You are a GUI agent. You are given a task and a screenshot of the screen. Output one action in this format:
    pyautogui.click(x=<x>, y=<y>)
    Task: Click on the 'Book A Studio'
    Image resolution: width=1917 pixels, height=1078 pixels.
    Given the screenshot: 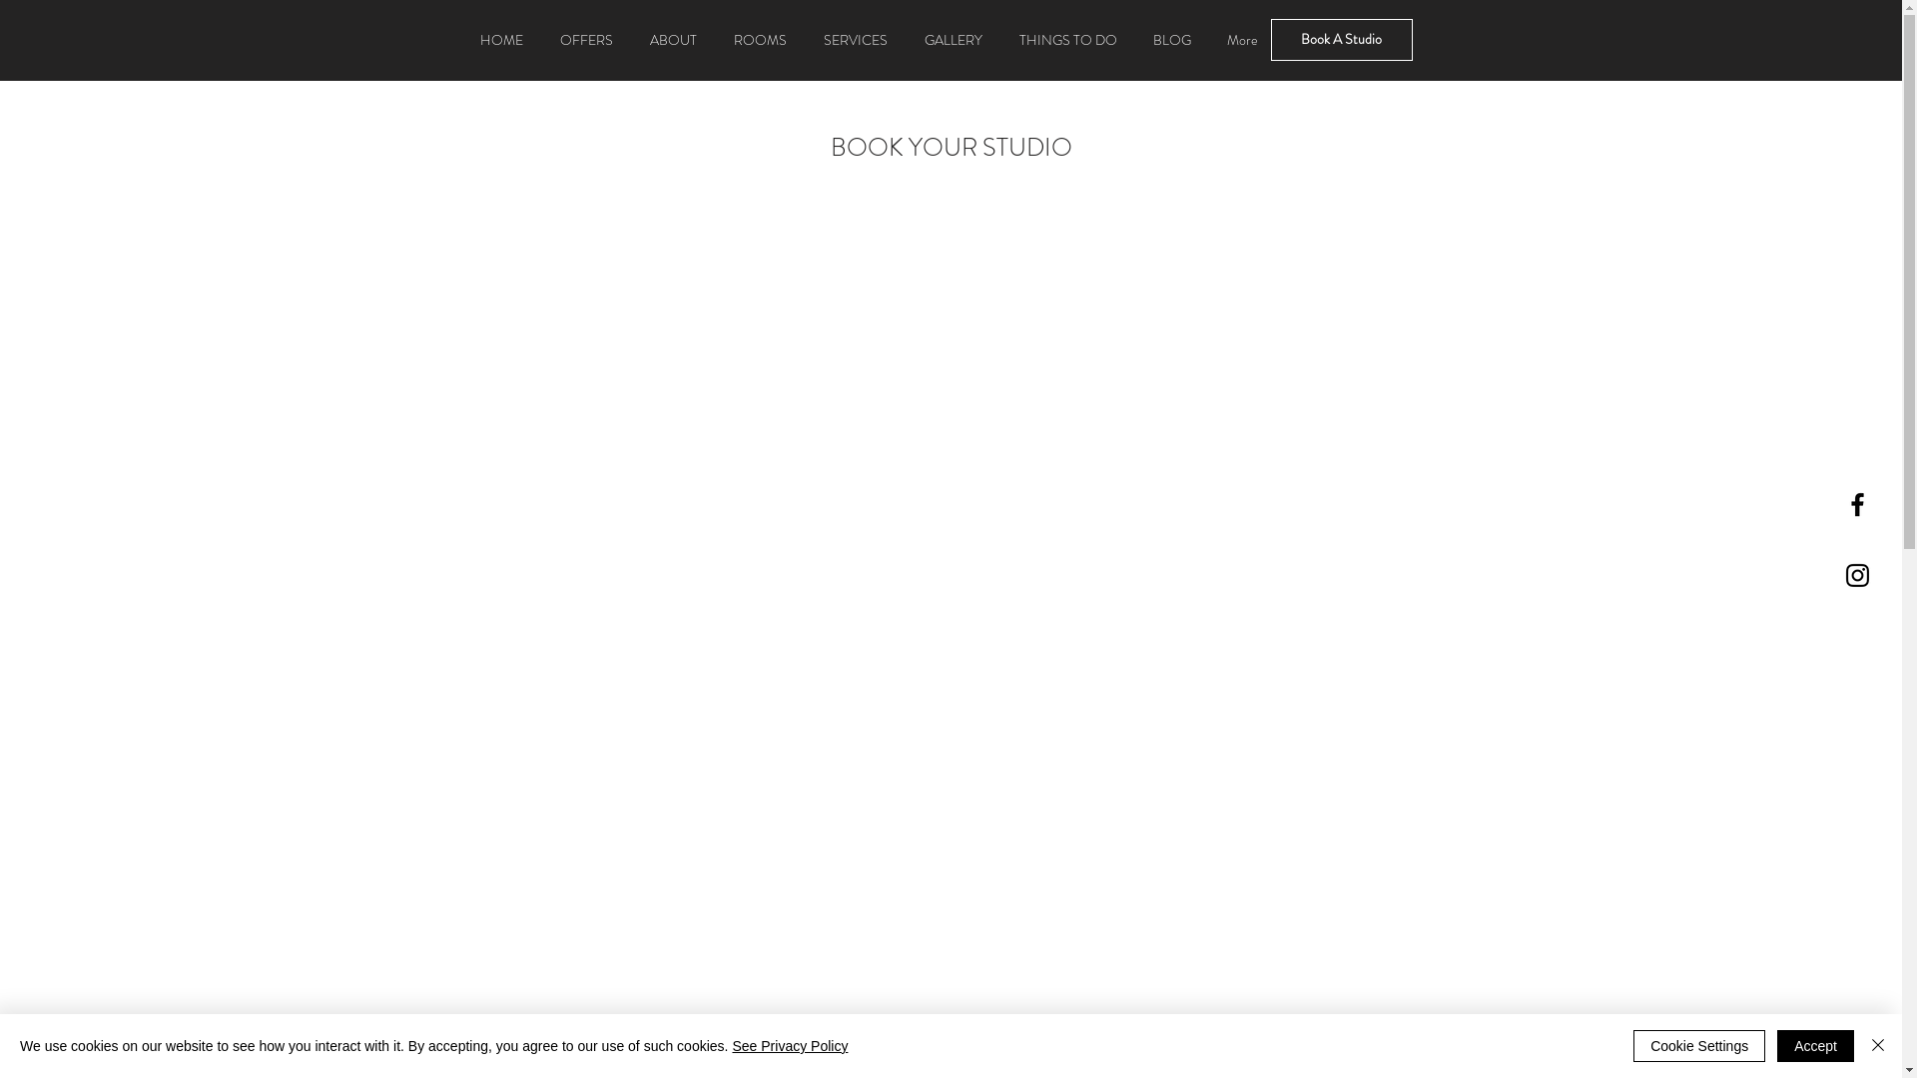 What is the action you would take?
    pyautogui.click(x=1269, y=39)
    